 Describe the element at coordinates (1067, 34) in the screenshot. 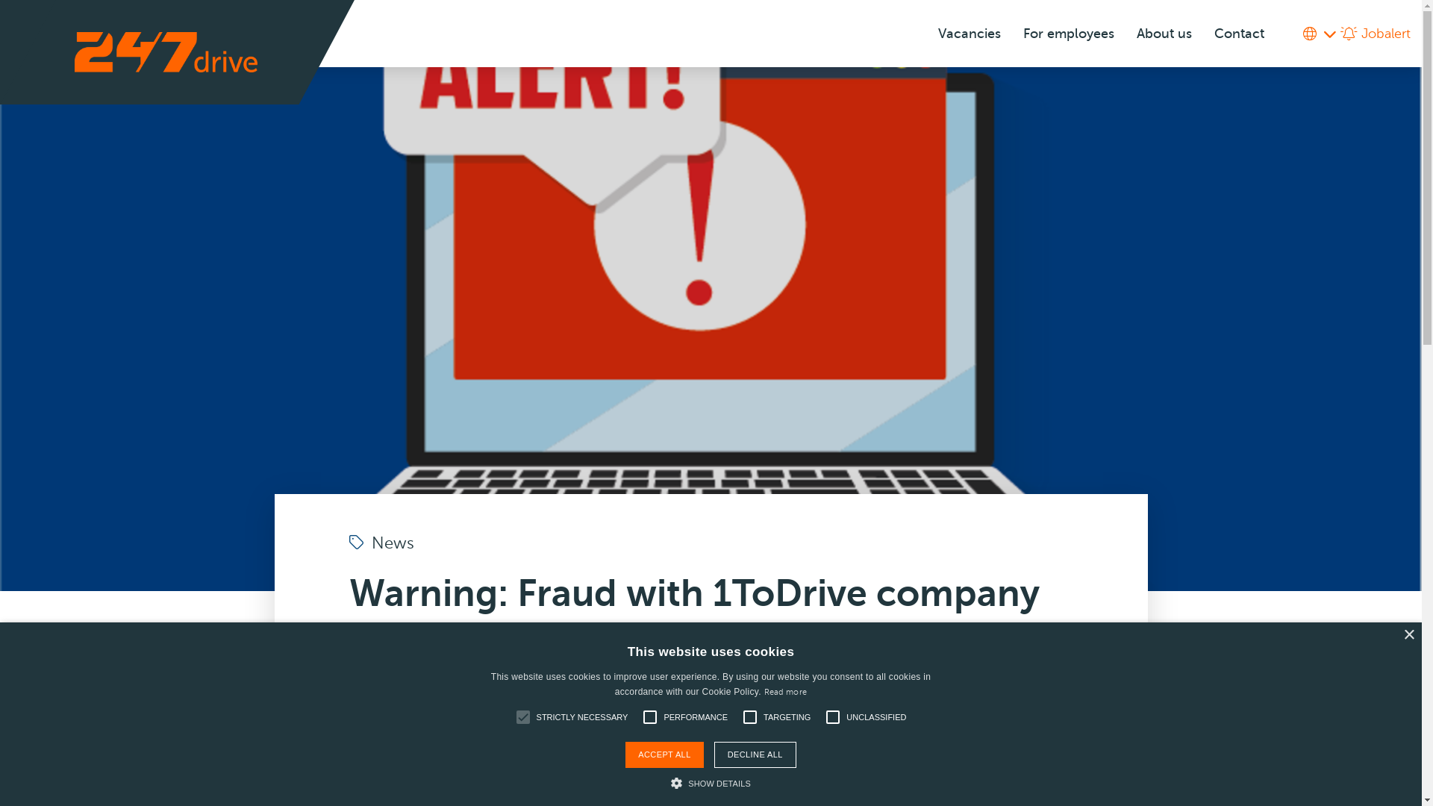

I see `'For employees'` at that location.